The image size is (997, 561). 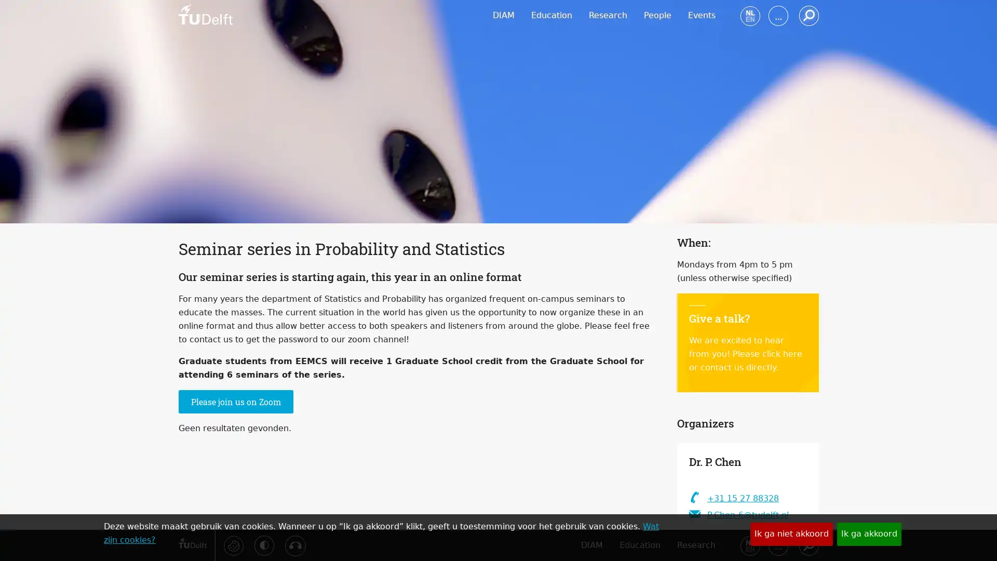 What do you see at coordinates (294, 545) in the screenshot?
I see `Luister met de ReachDeck-werkbalk` at bounding box center [294, 545].